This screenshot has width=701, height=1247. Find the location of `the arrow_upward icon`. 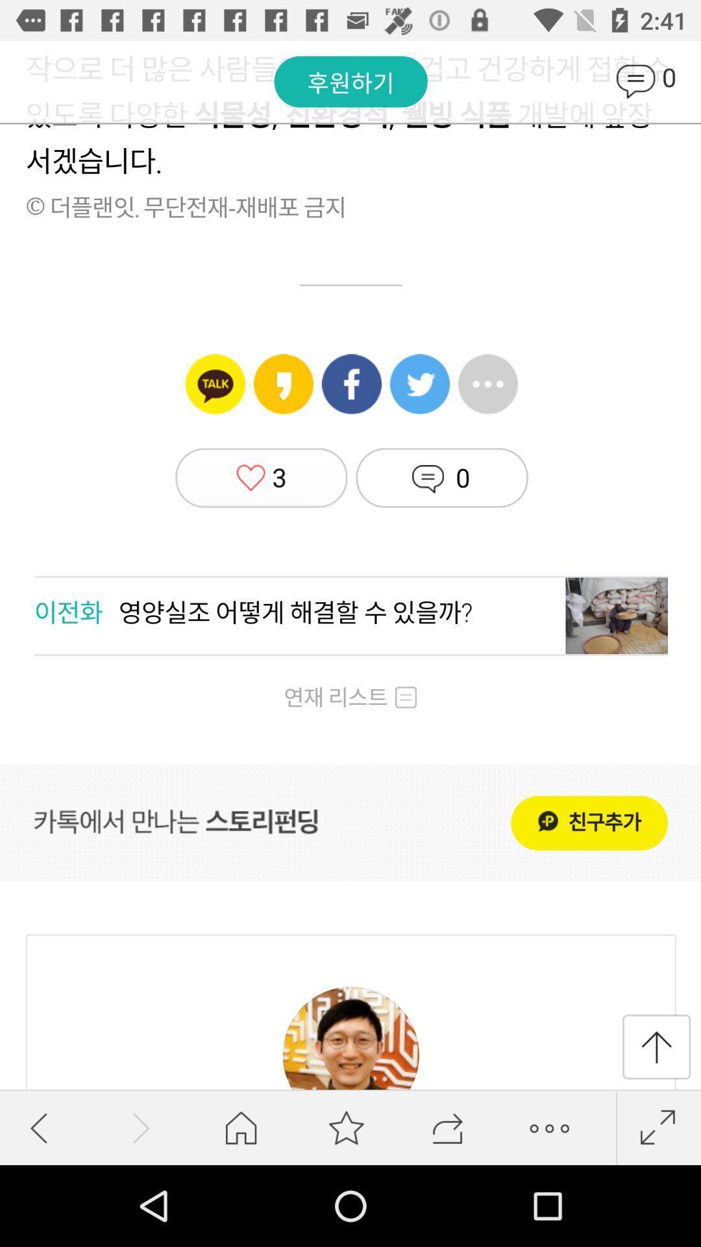

the arrow_upward icon is located at coordinates (656, 1047).